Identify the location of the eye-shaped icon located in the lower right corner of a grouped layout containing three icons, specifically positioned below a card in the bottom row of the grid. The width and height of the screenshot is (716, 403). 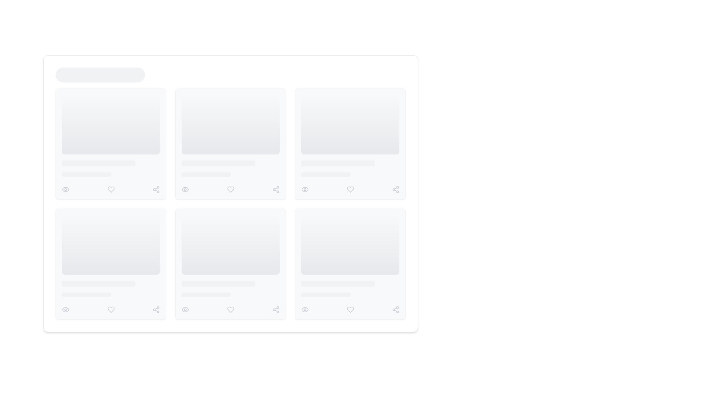
(305, 189).